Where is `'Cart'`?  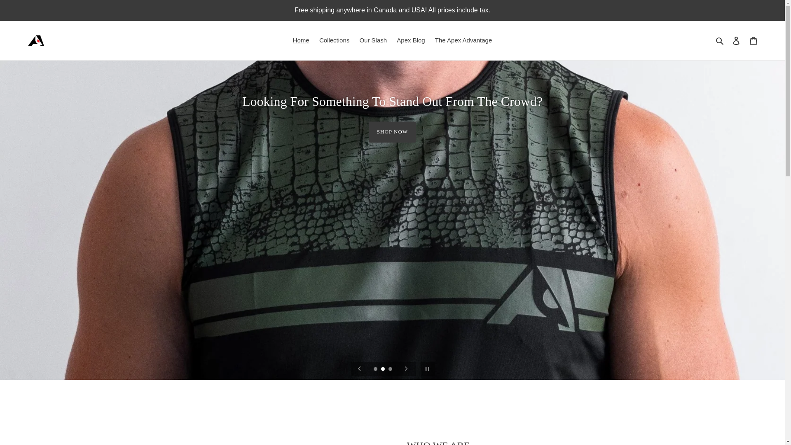 'Cart' is located at coordinates (753, 40).